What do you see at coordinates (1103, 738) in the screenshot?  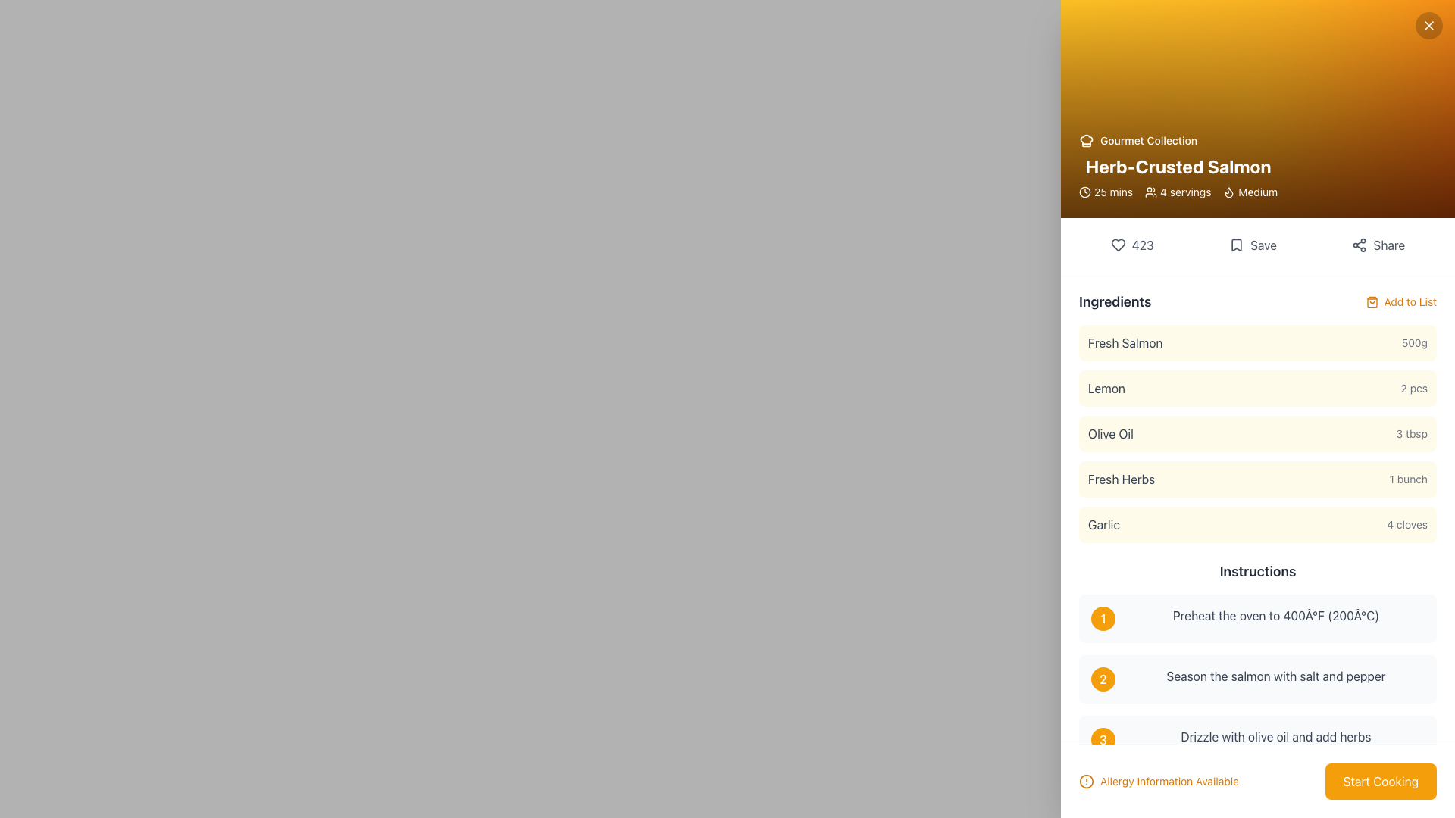 I see `the Numbered step indicator located at the far-left side of the third instruction step row, which labels the cooking instruction 'Drizzle with olive oil and add herbs'` at bounding box center [1103, 738].